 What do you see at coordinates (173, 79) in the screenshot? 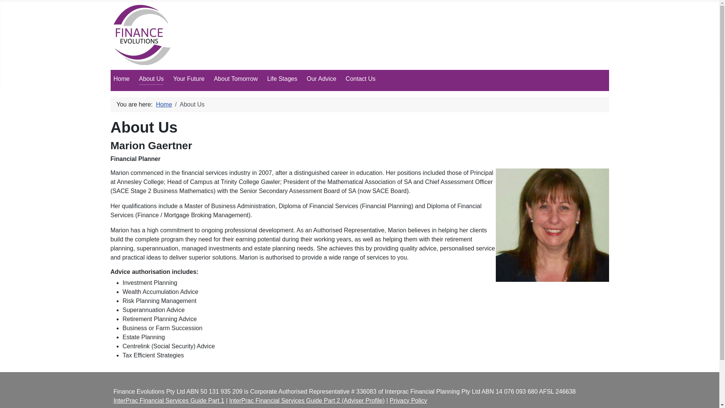
I see `'Your Future'` at bounding box center [173, 79].